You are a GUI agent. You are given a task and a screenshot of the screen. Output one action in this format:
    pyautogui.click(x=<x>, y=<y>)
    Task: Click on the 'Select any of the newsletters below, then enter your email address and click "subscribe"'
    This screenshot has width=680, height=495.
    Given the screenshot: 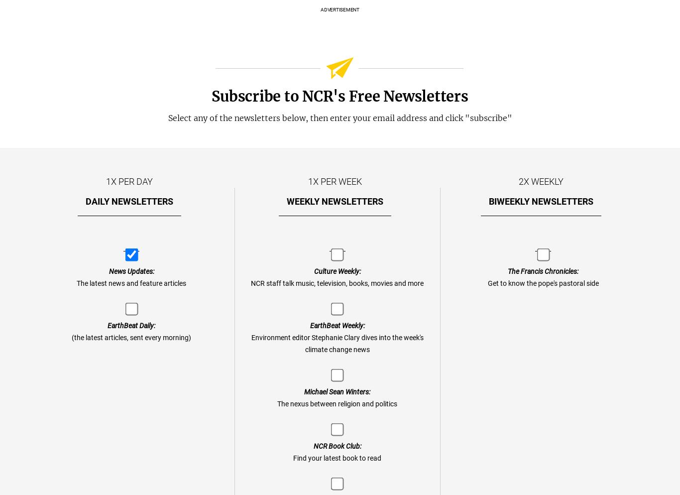 What is the action you would take?
    pyautogui.click(x=339, y=117)
    